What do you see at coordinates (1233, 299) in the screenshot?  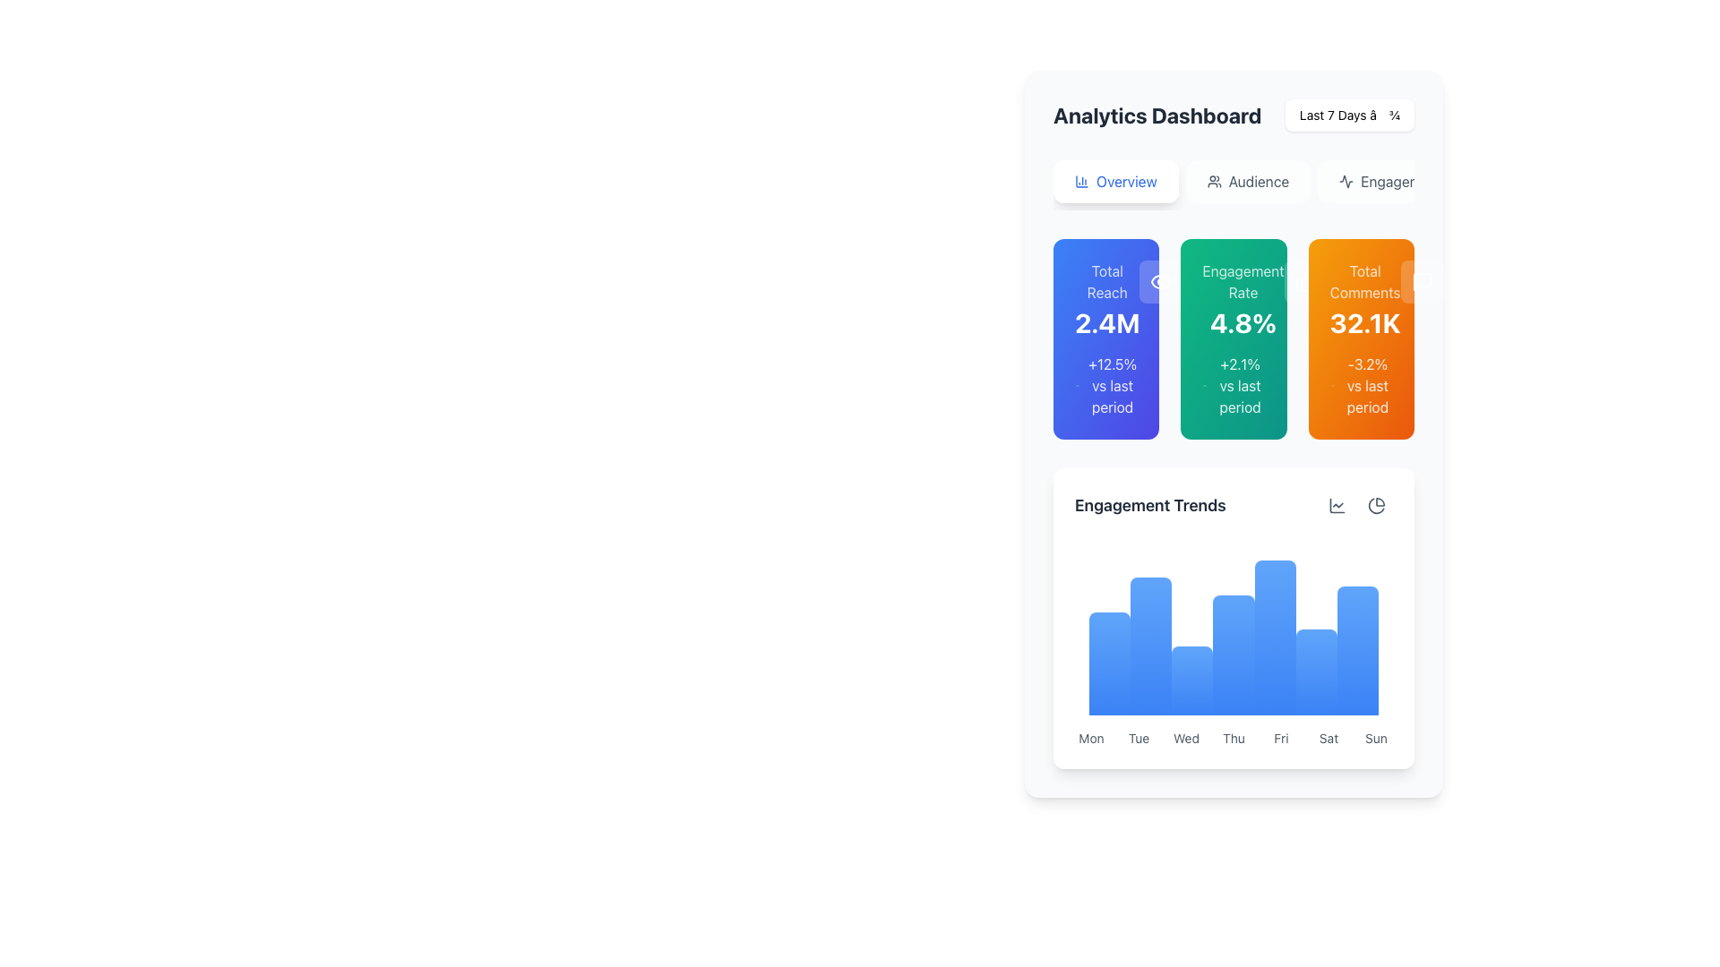 I see `the text display component showing the engagement rate percentage in the center of the middle green card of the dashboard's analytics summary` at bounding box center [1233, 299].